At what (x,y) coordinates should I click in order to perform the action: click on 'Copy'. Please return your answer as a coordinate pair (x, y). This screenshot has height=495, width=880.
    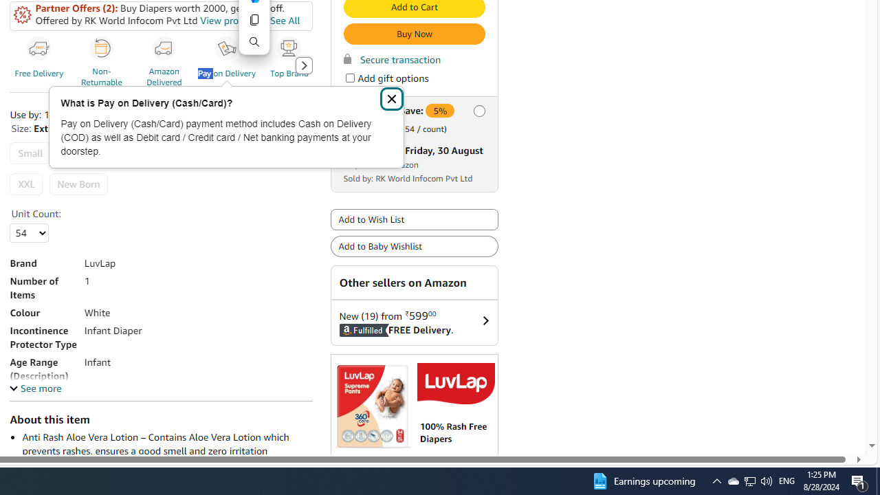
    Looking at the image, I should click on (254, 19).